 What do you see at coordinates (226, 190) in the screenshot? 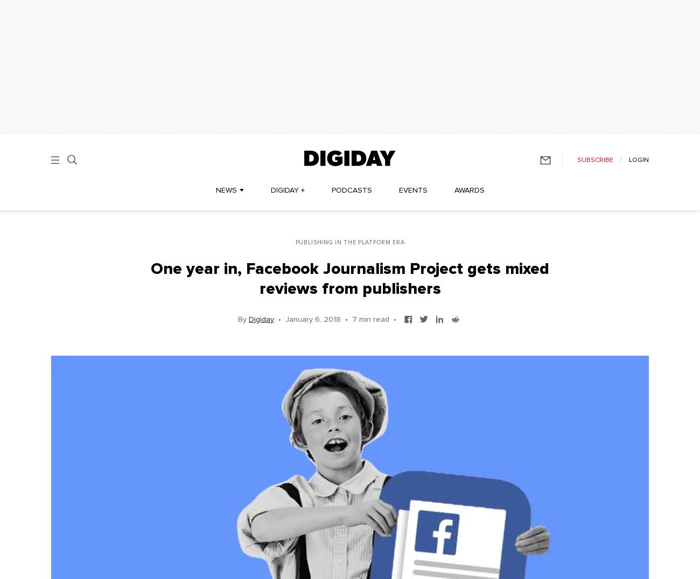
I see `'News'` at bounding box center [226, 190].